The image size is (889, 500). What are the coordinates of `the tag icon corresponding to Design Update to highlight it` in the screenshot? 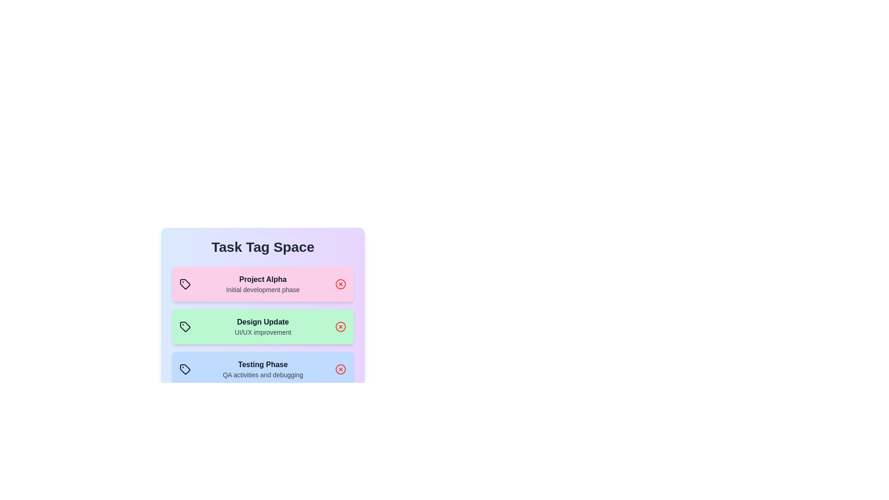 It's located at (185, 326).